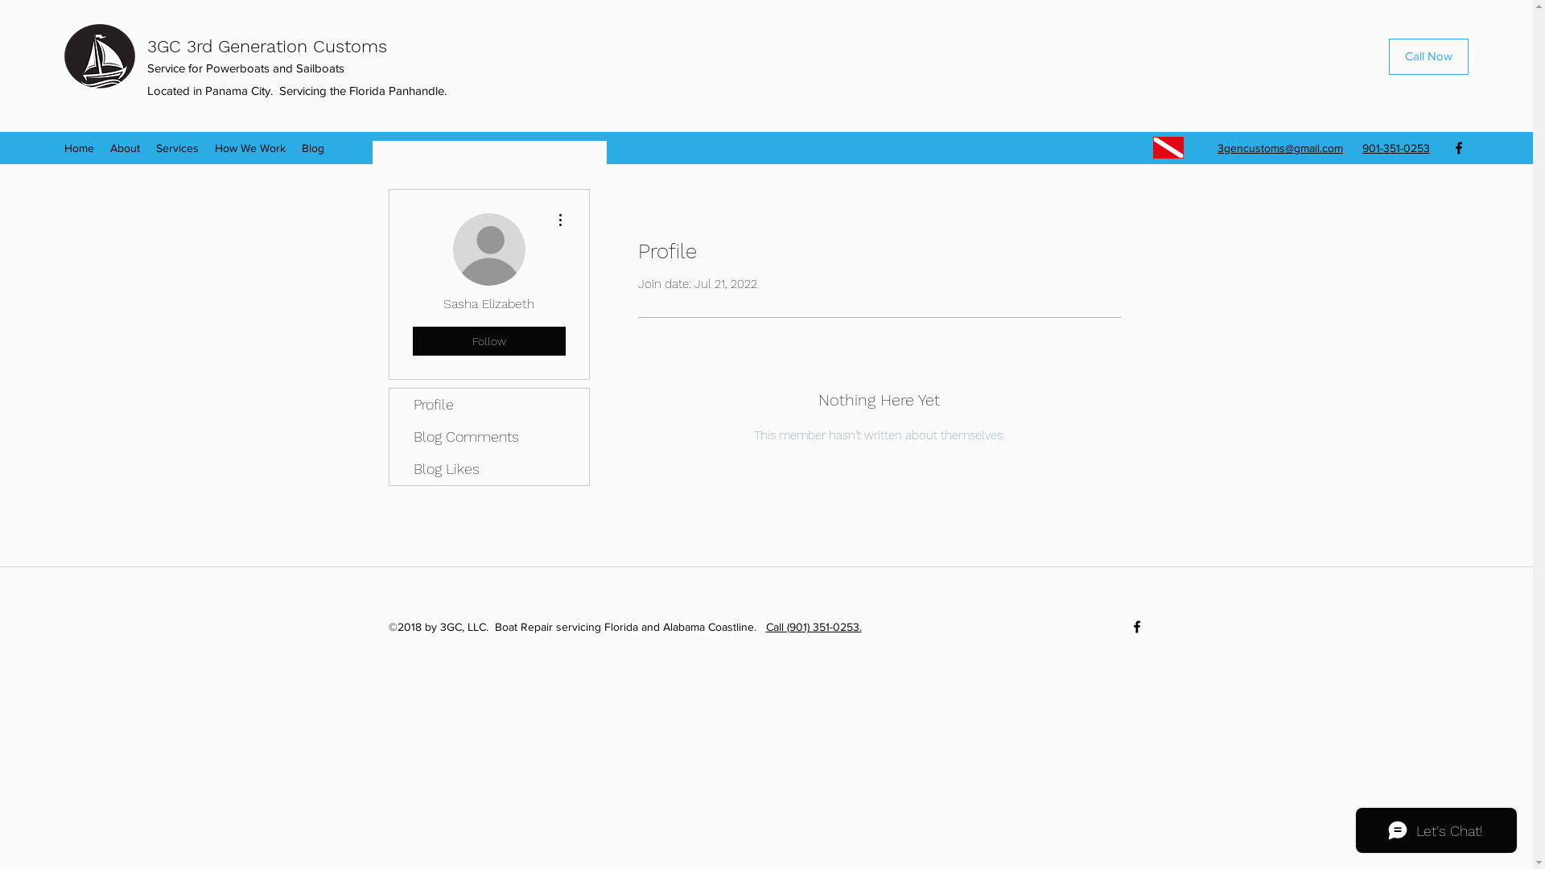  Describe the element at coordinates (1428, 56) in the screenshot. I see `'Call Now'` at that location.